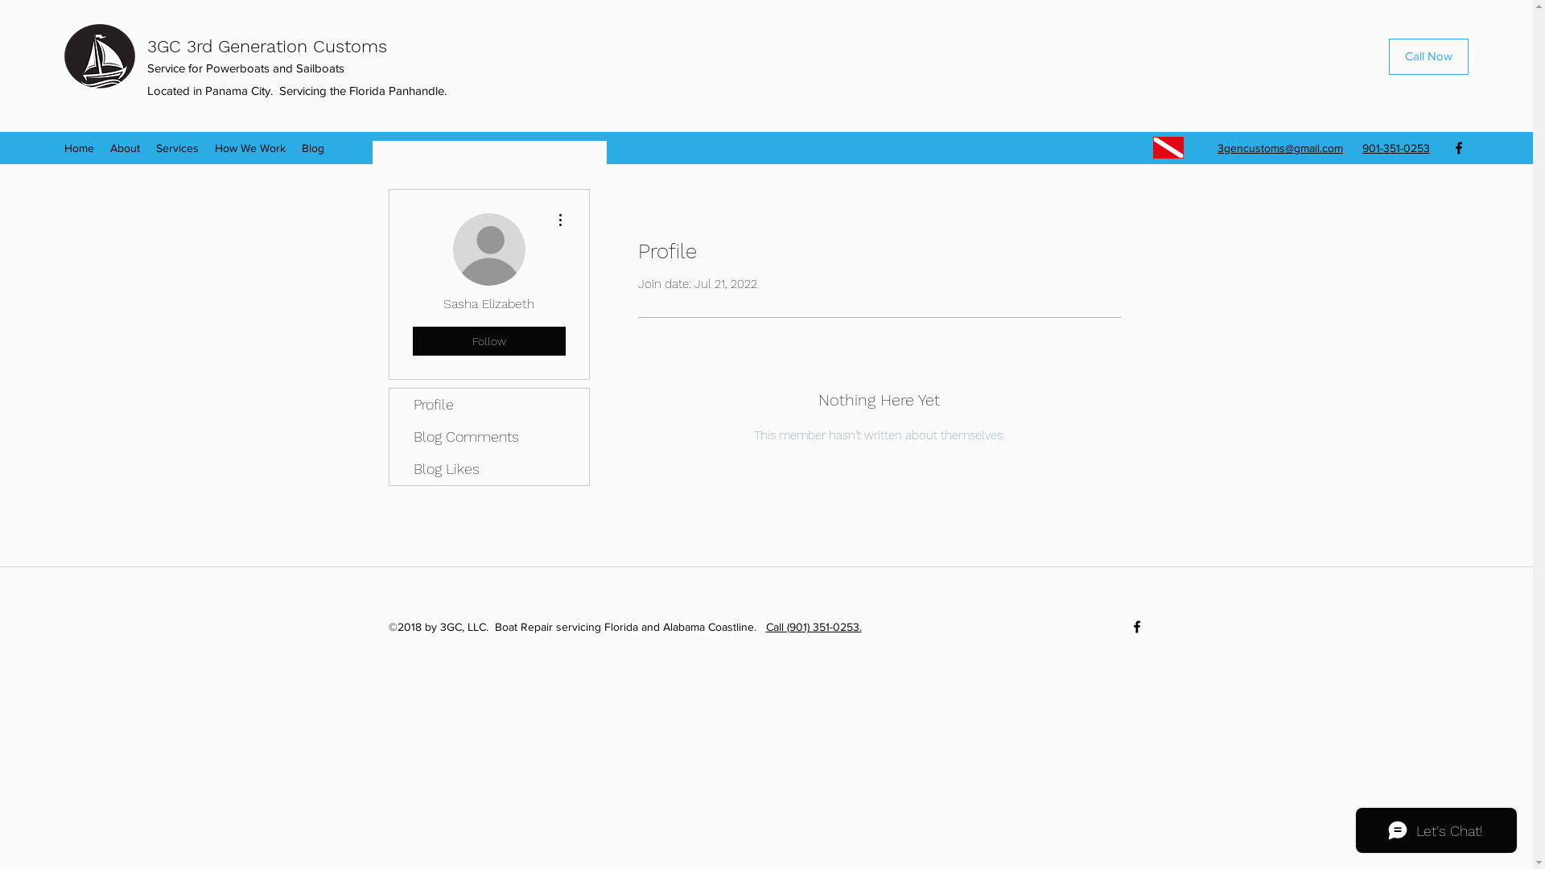  Describe the element at coordinates (1428, 56) in the screenshot. I see `'Call Now'` at that location.